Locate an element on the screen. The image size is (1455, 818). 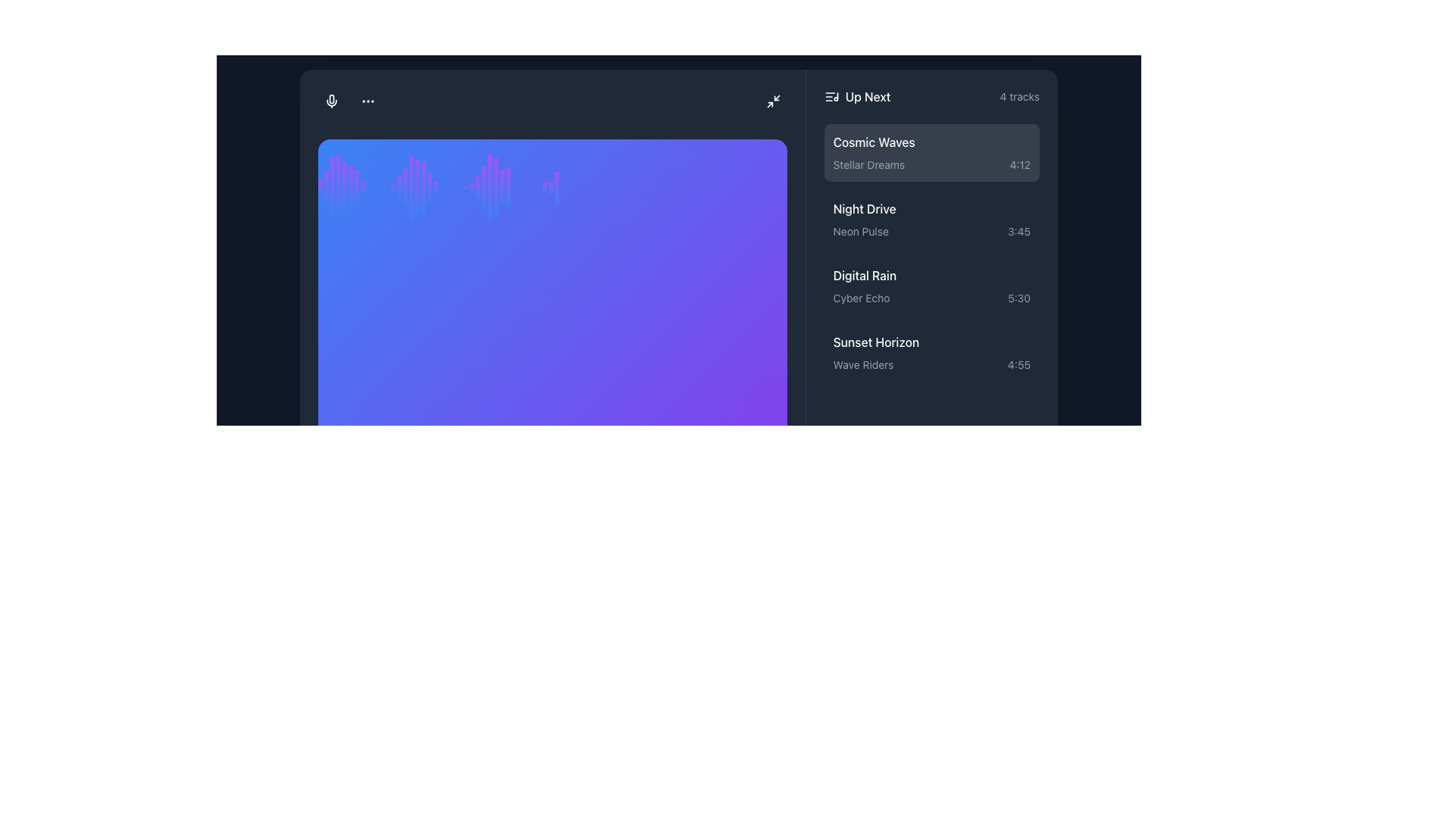
the minimize button located in the upper-right section of the main interface, which is represented by a circular icon that changes appearance upon interaction is located at coordinates (773, 101).